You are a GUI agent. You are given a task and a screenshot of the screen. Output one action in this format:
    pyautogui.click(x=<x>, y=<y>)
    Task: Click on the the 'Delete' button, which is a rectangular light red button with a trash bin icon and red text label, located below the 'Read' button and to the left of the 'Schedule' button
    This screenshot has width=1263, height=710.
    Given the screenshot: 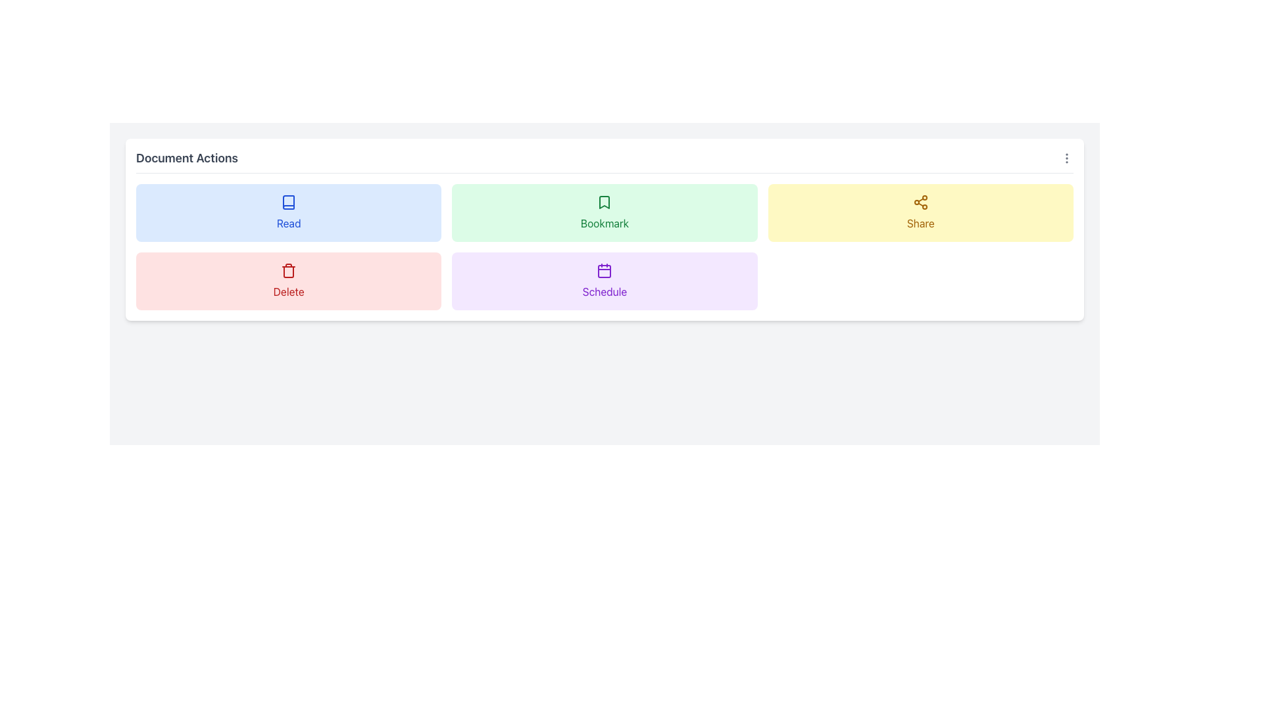 What is the action you would take?
    pyautogui.click(x=288, y=281)
    